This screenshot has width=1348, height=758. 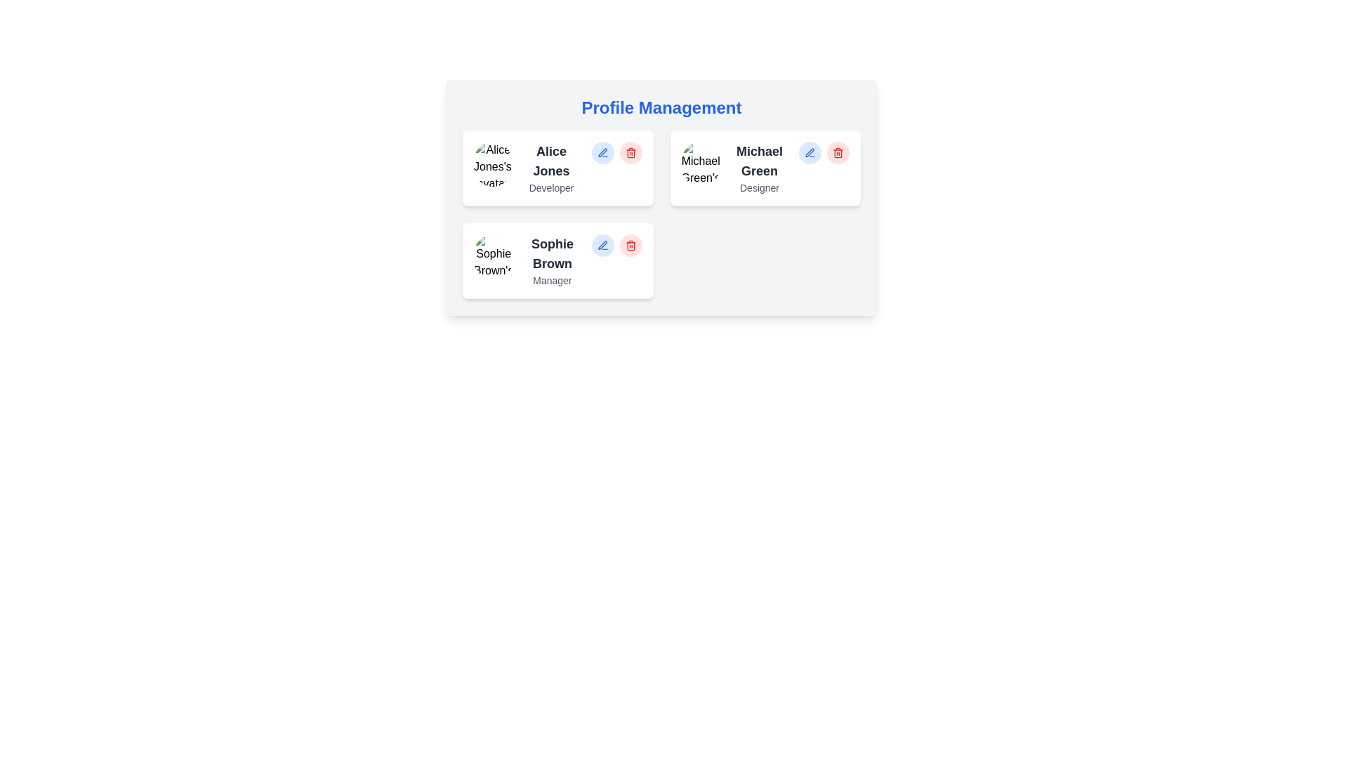 What do you see at coordinates (616, 153) in the screenshot?
I see `the interactive button group associated with the user profile 'Alice Jones', which contains editing and deletion buttons` at bounding box center [616, 153].